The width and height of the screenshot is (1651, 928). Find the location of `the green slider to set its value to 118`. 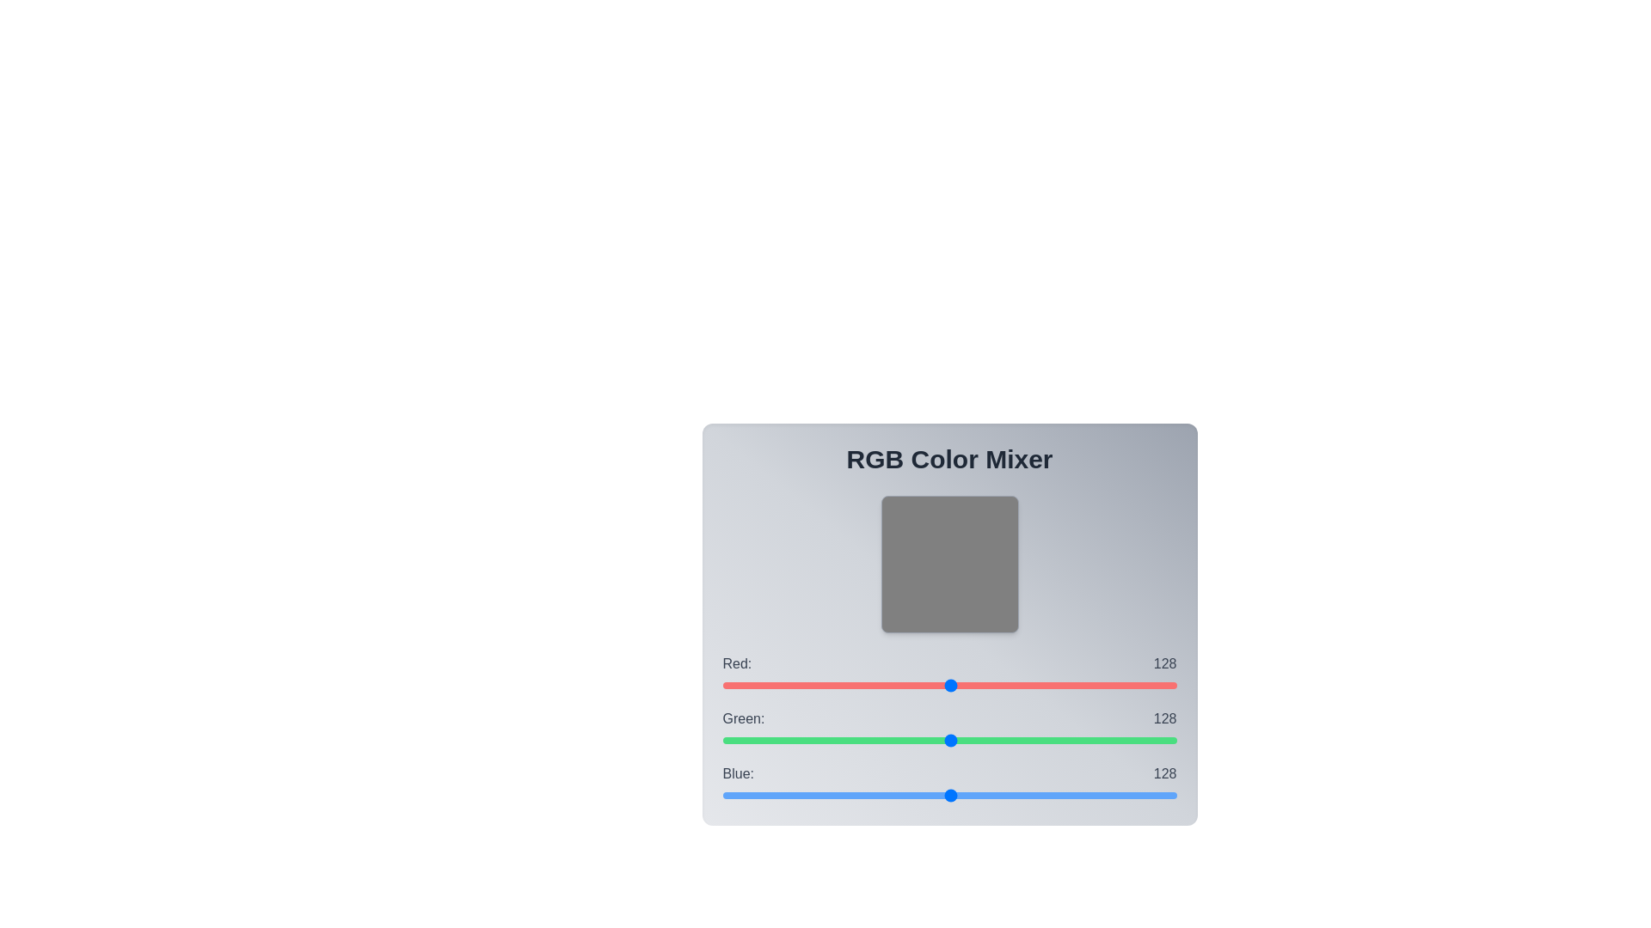

the green slider to set its value to 118 is located at coordinates (931, 739).